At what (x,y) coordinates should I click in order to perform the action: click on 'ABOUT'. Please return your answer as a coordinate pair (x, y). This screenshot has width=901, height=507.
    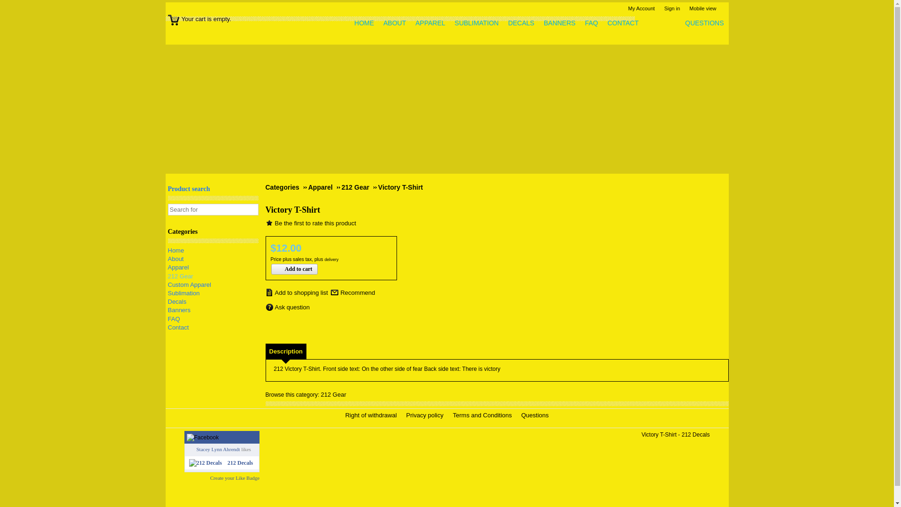
    Looking at the image, I should click on (397, 23).